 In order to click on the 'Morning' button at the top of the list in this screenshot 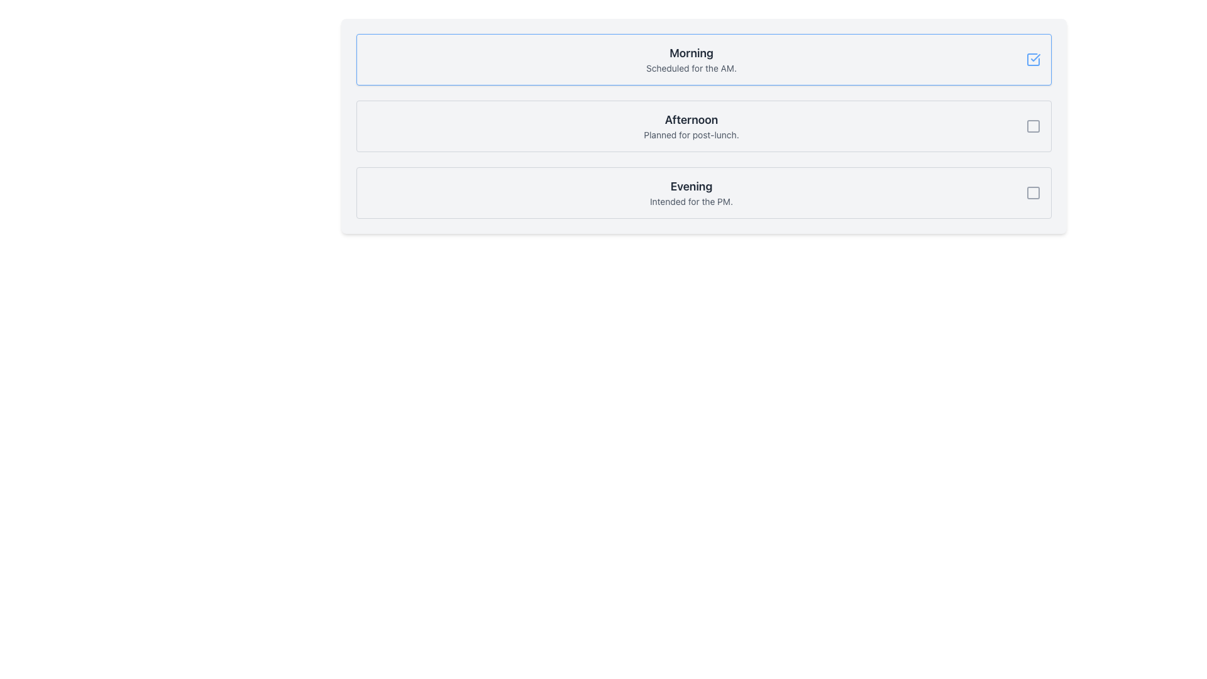, I will do `click(703, 60)`.